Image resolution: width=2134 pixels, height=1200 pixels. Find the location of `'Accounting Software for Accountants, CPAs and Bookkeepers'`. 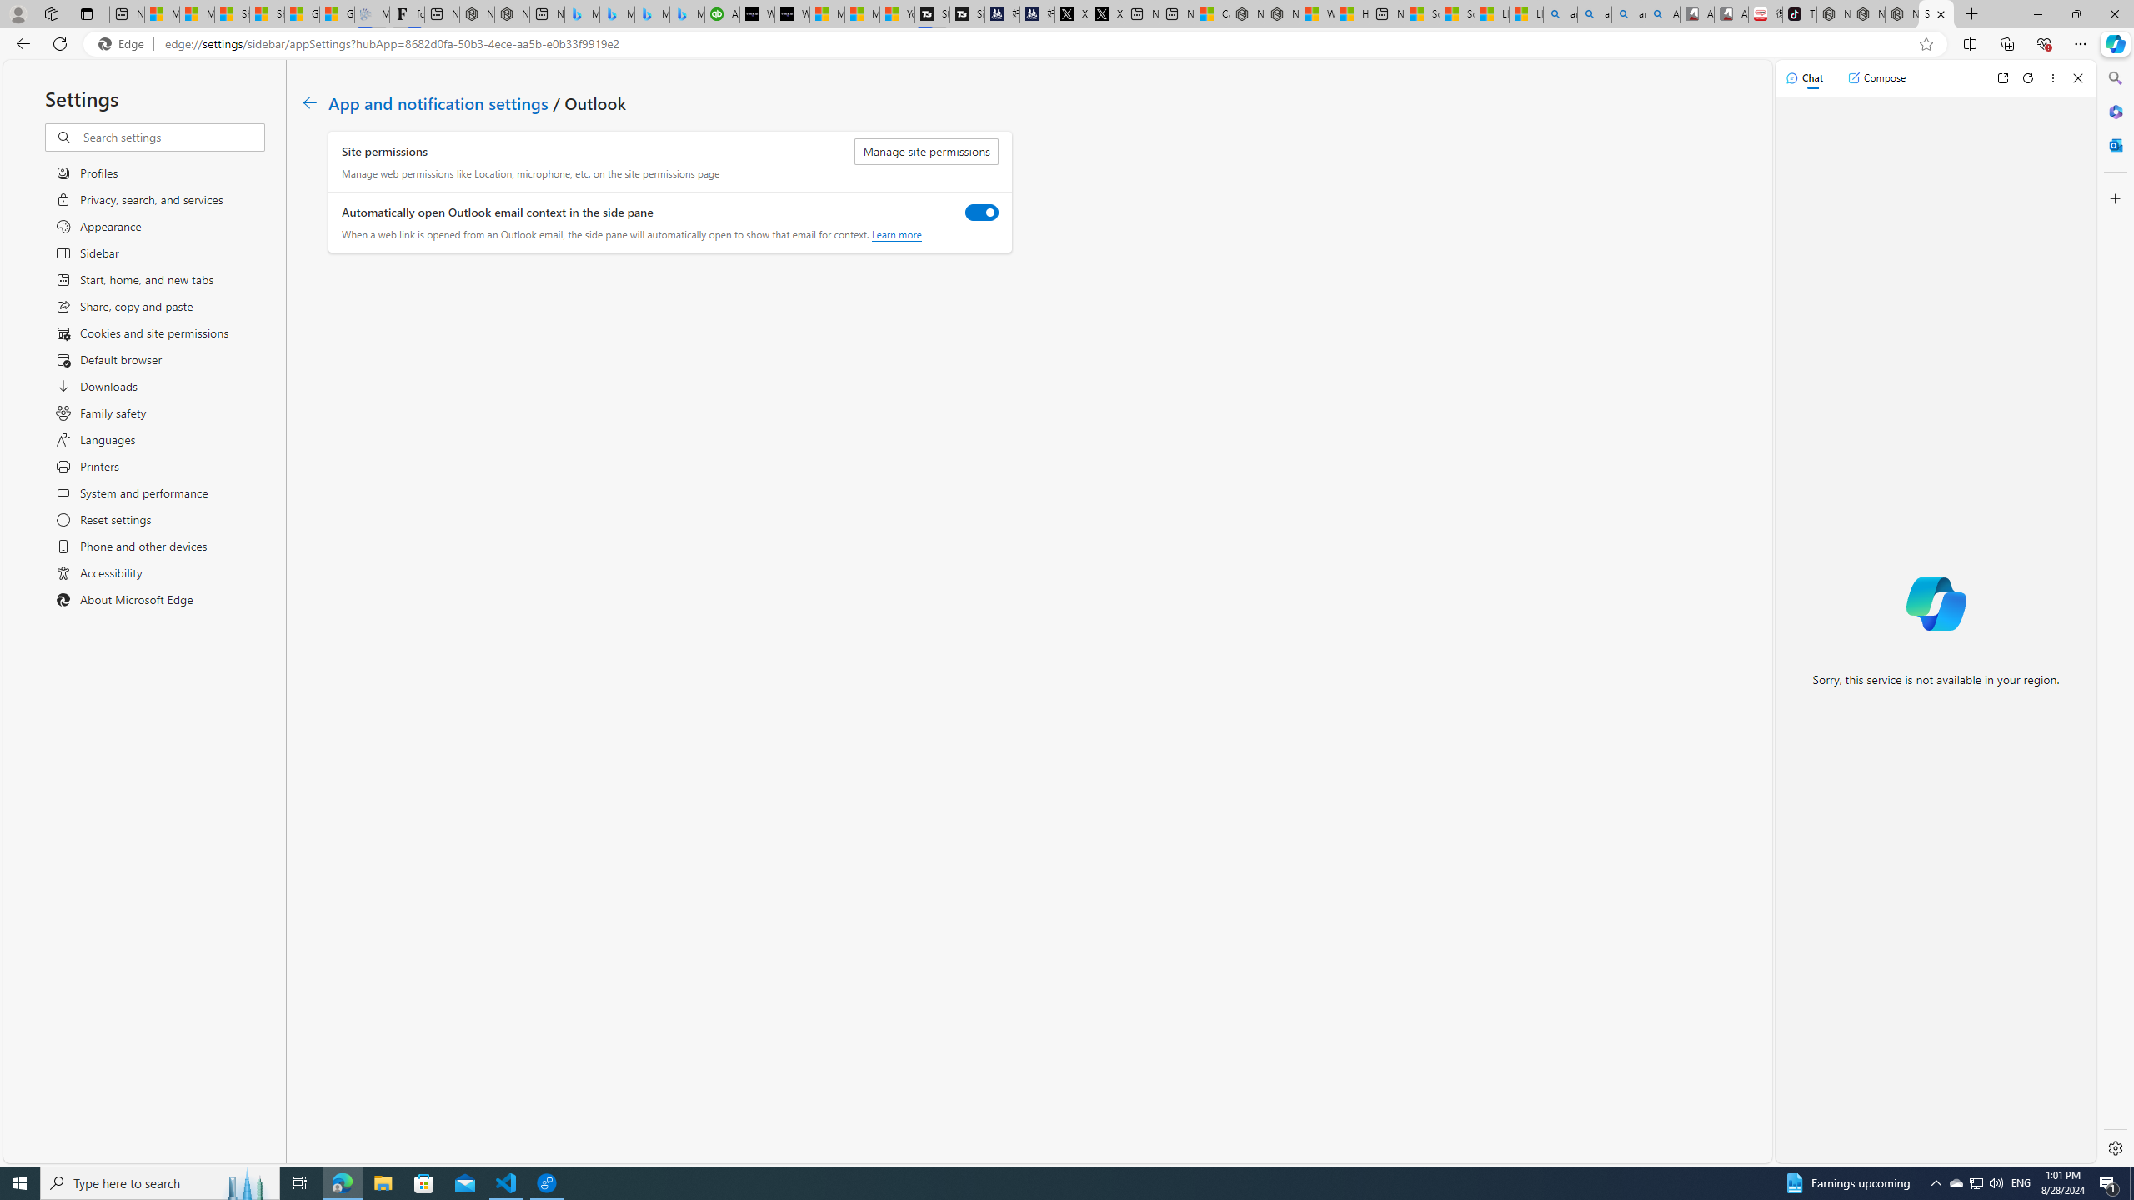

'Accounting Software for Accountants, CPAs and Bookkeepers' is located at coordinates (721, 13).